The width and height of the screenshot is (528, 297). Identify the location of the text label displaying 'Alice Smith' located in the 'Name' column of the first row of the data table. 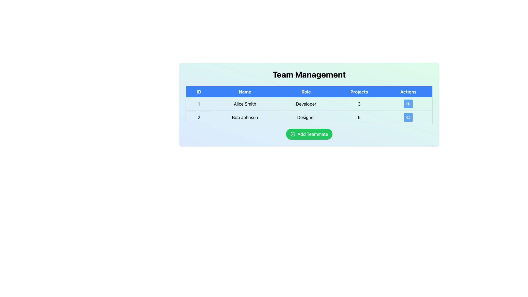
(245, 104).